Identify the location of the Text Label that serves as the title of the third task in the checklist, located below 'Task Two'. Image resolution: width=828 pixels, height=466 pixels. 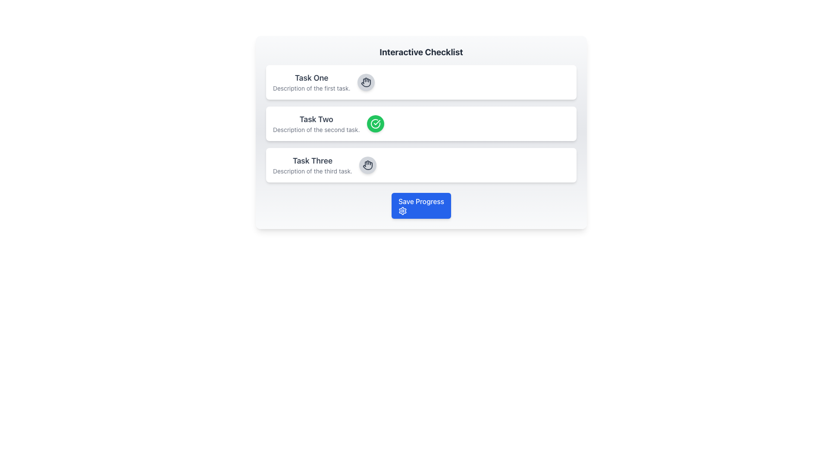
(312, 161).